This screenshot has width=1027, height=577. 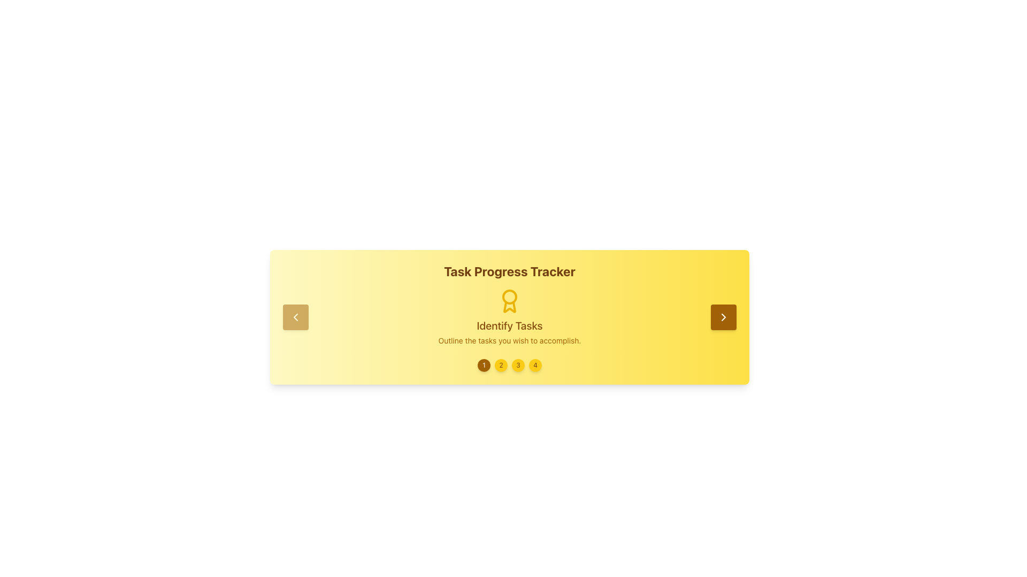 I want to click on the circular decorative component located inside the medal icon beneath the heading 'Task Progress Tracker', so click(x=509, y=297).